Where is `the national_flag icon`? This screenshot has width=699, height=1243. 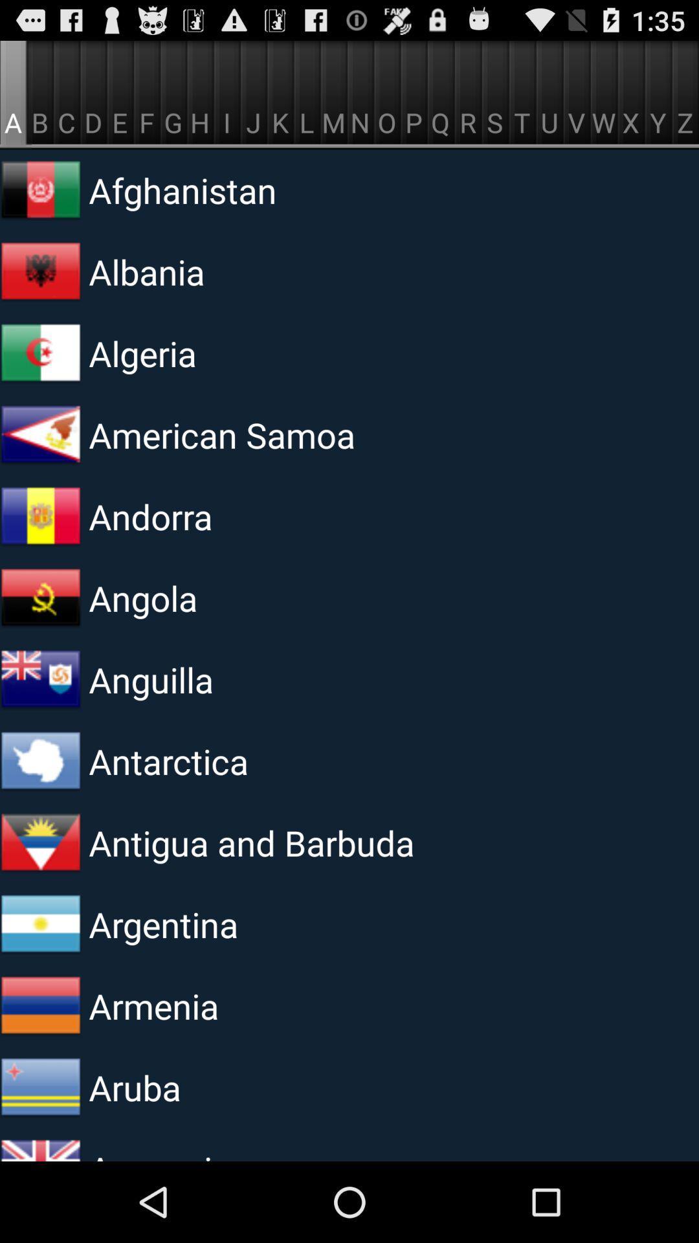 the national_flag icon is located at coordinates (39, 901).